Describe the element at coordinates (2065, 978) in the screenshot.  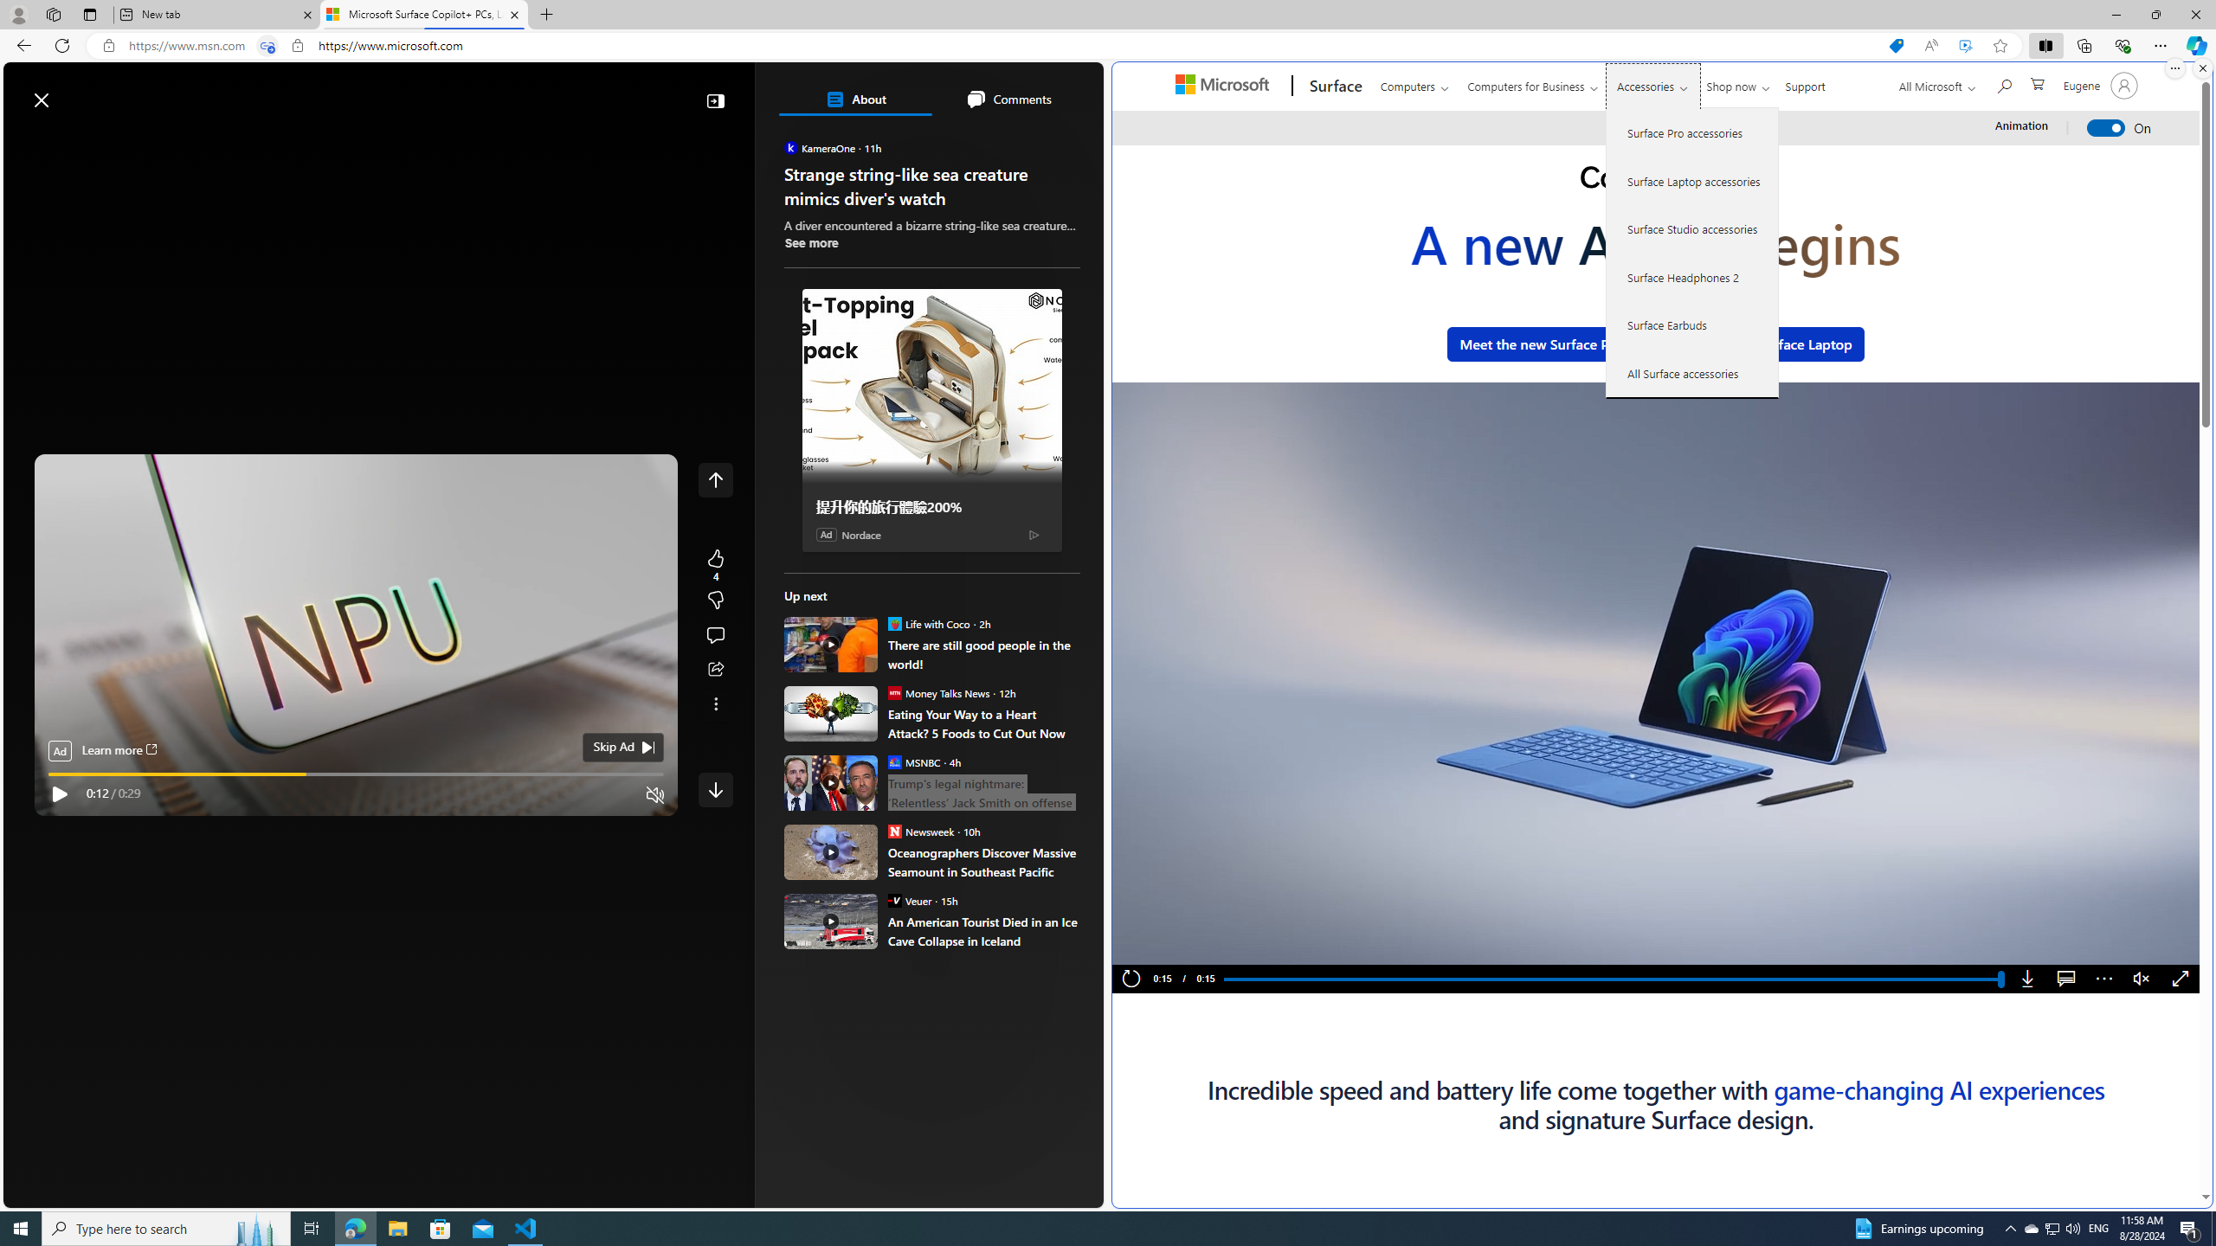
I see `'Captions'` at that location.